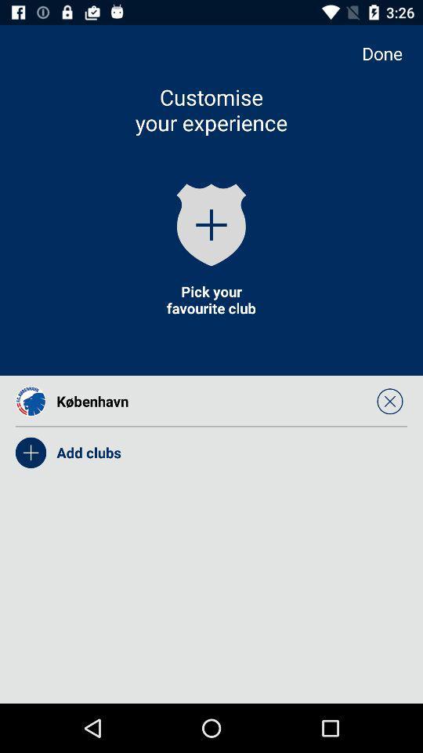  I want to click on the done at the top right corner, so click(389, 53).